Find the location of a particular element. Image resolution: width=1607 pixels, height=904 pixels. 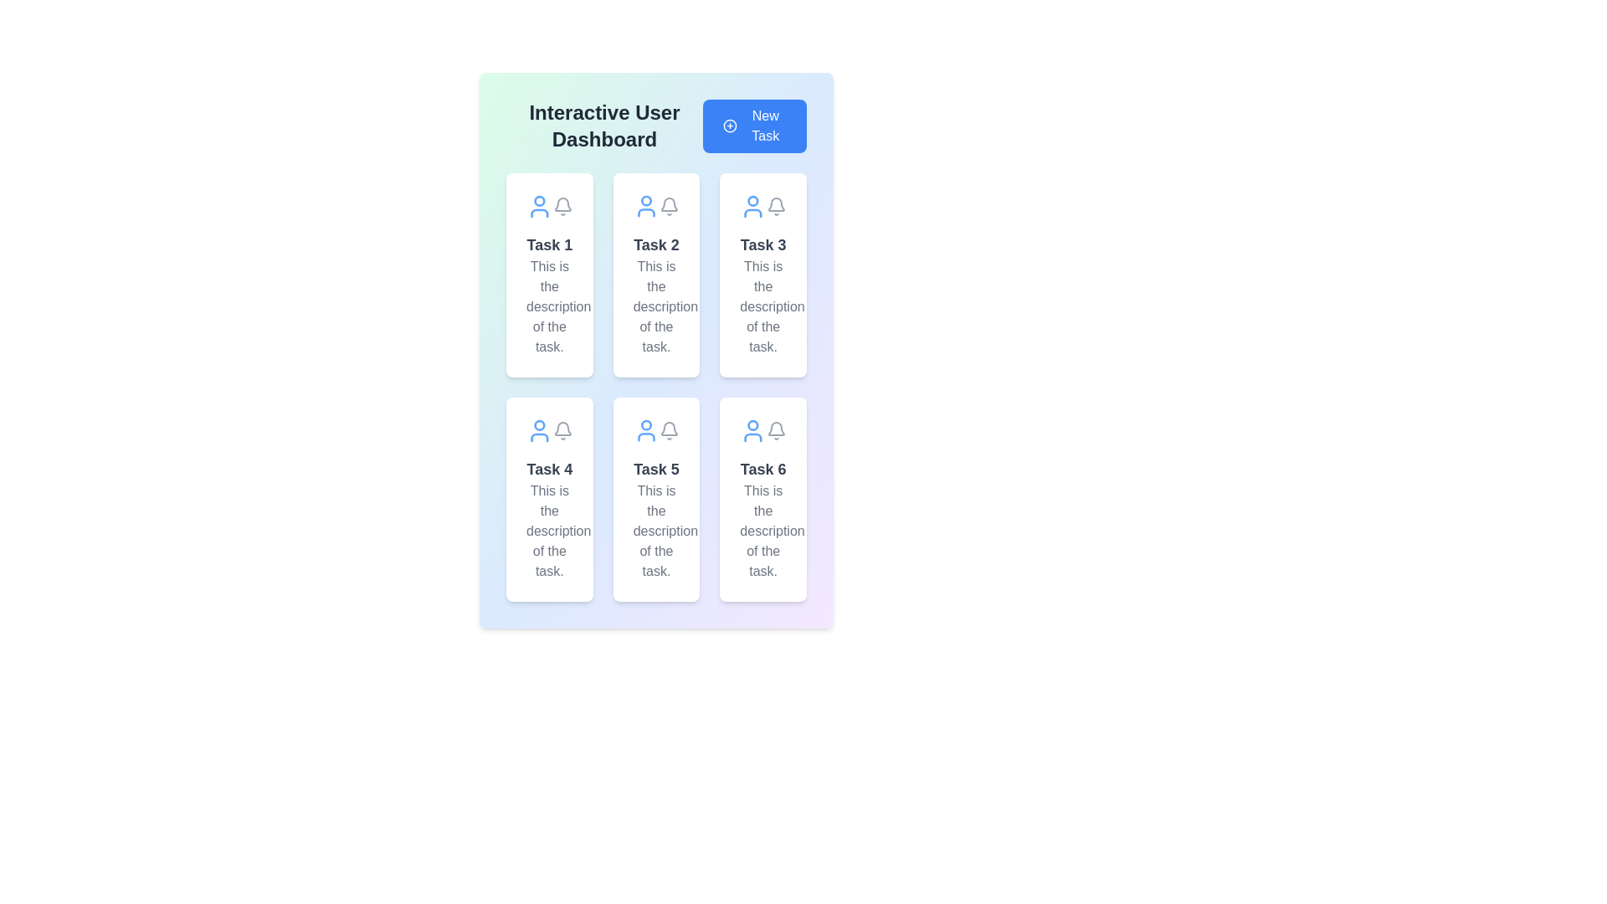

the prominent 'Task 5' text label, which is styled in bold and larger dark gray font, located in the middle column of the second row in the grid is located at coordinates (655, 469).